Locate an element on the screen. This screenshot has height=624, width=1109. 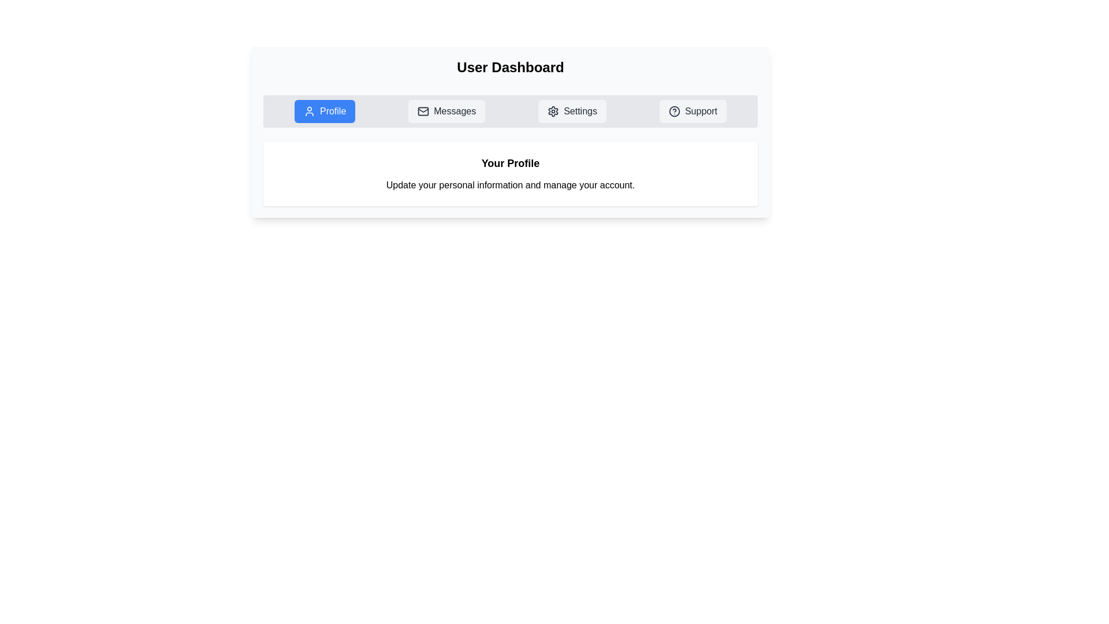
the first button from the left in the group of action buttons is located at coordinates (324, 111).